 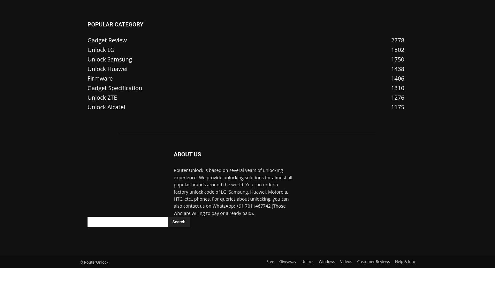 I want to click on 'Customer Reviews', so click(x=373, y=261).